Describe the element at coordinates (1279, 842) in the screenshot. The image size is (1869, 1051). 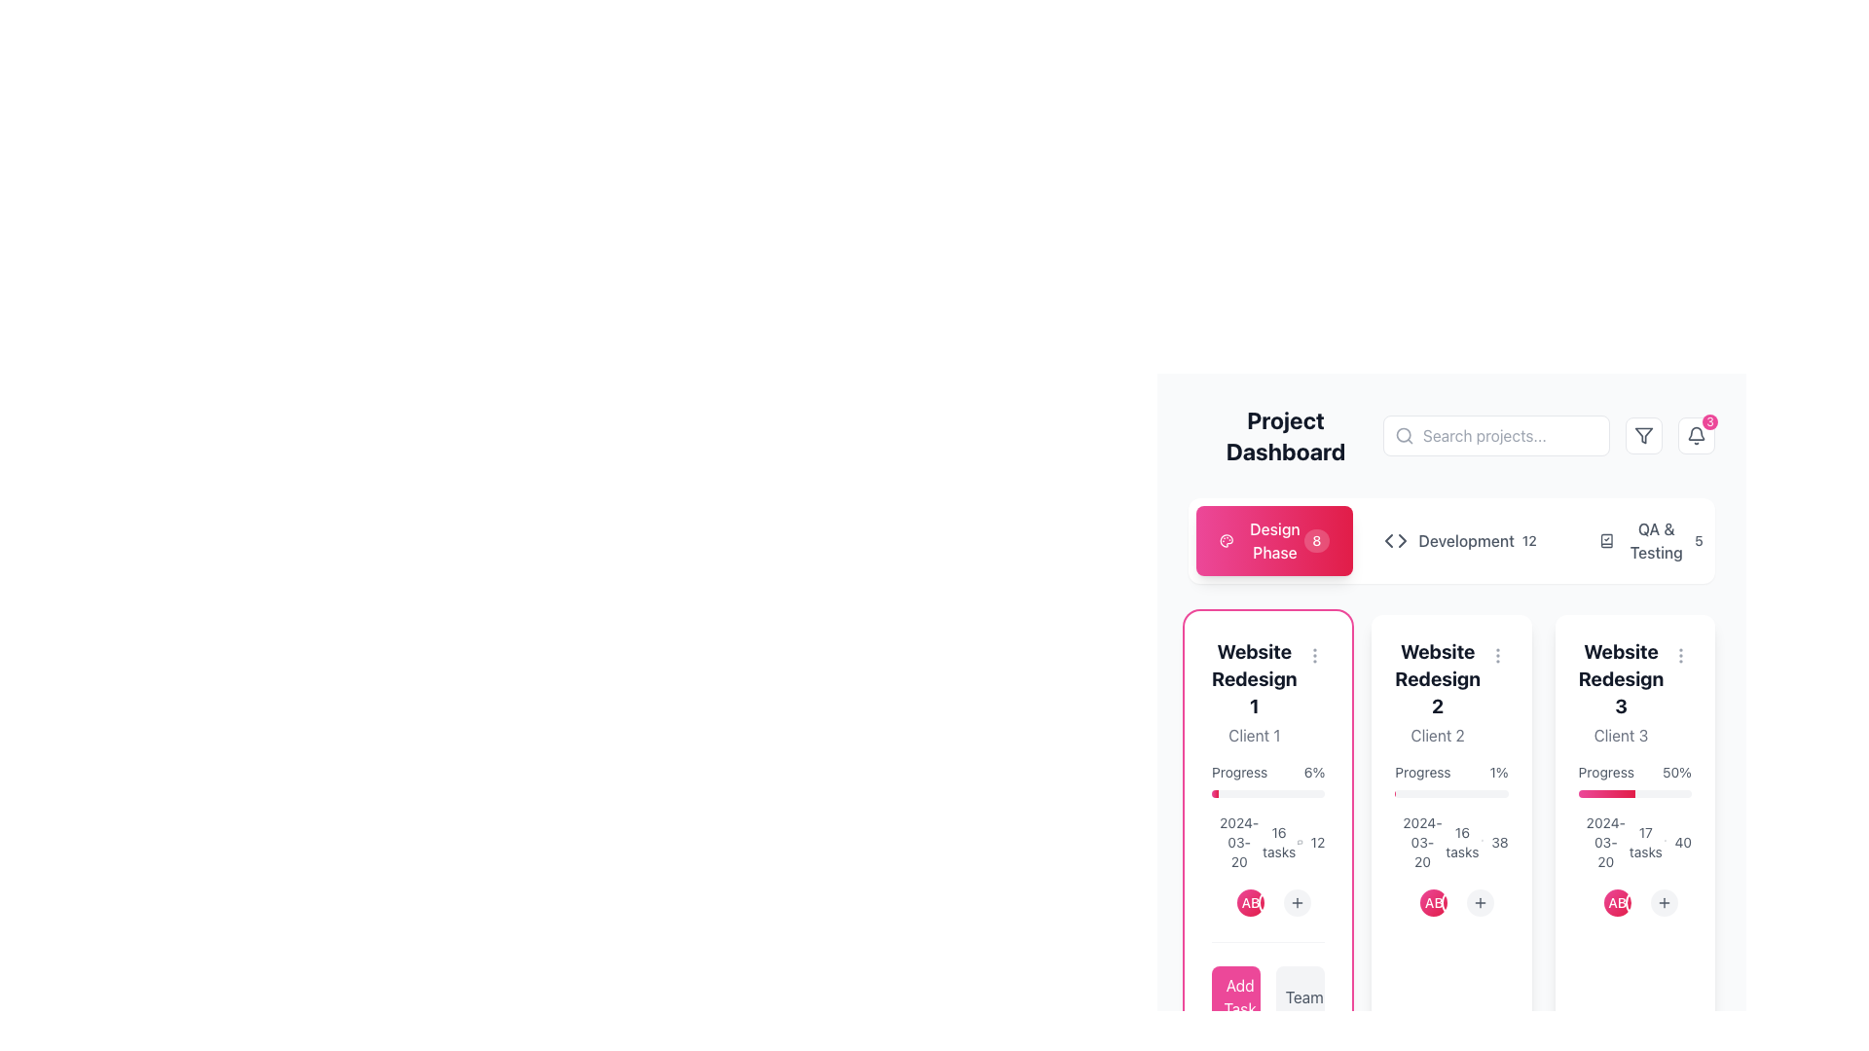
I see `text information displayed in the text label located at the bottom-middle of the 'Website Redesign 1' project card, which indicates the number of tasks associated with the project` at that location.